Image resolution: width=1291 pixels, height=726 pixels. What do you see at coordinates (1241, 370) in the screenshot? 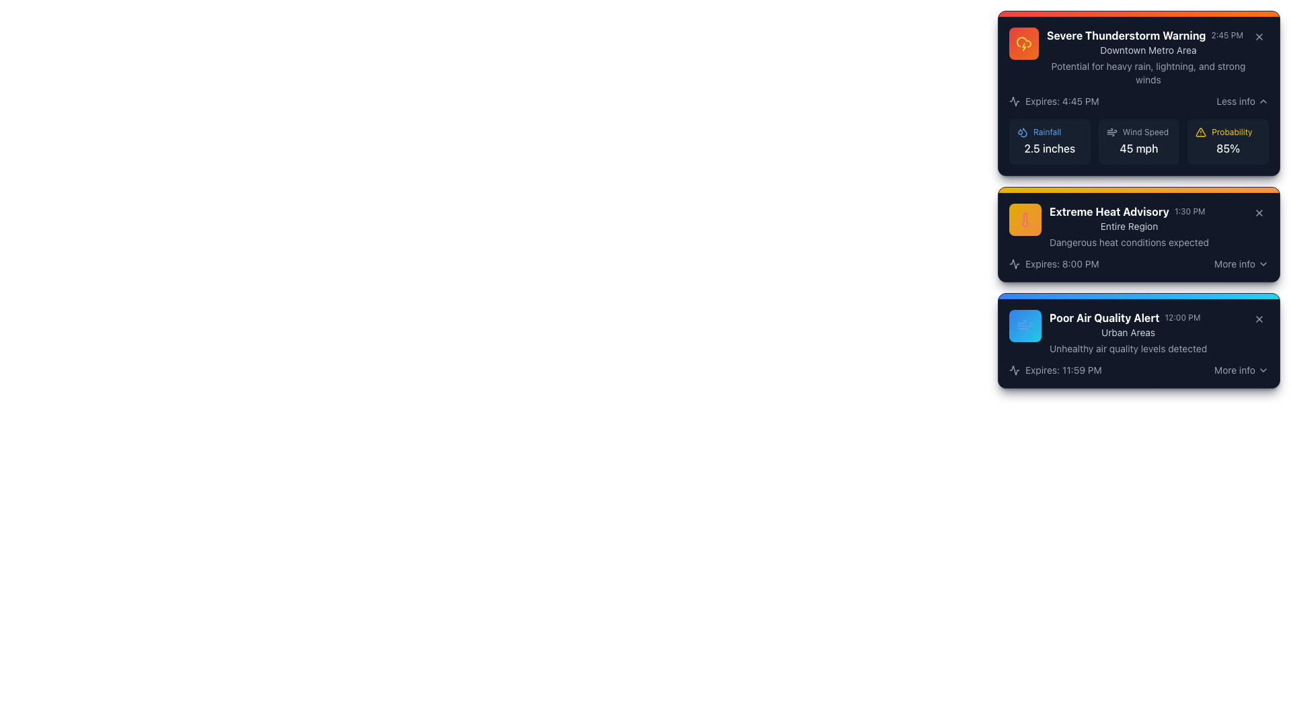
I see `the interactive button in the bottom right corner of the 'Poor Air Quality Alert' notification card to change the text color` at bounding box center [1241, 370].